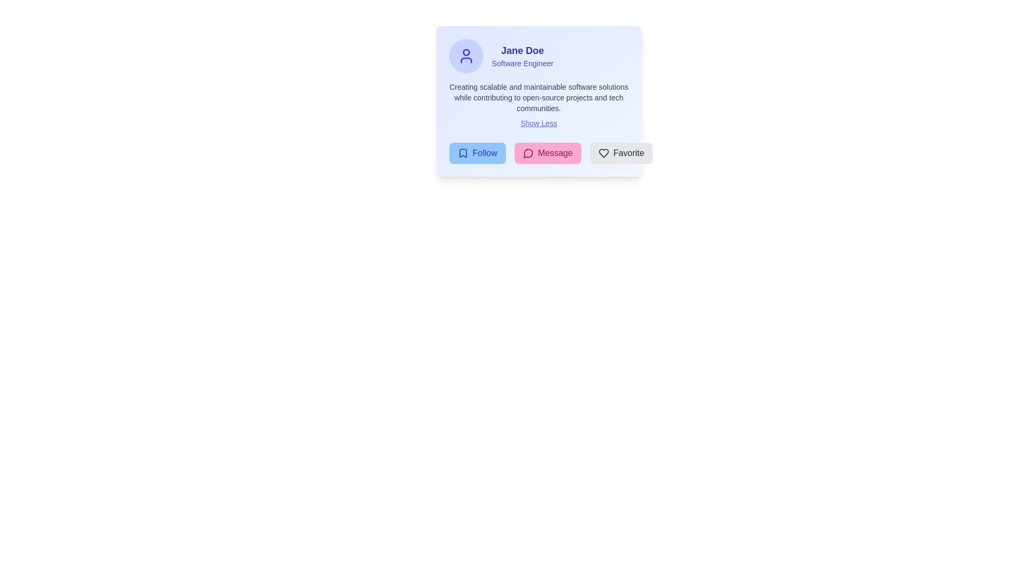  Describe the element at coordinates (603, 153) in the screenshot. I see `the heart icon within the 'Favorite' button` at that location.